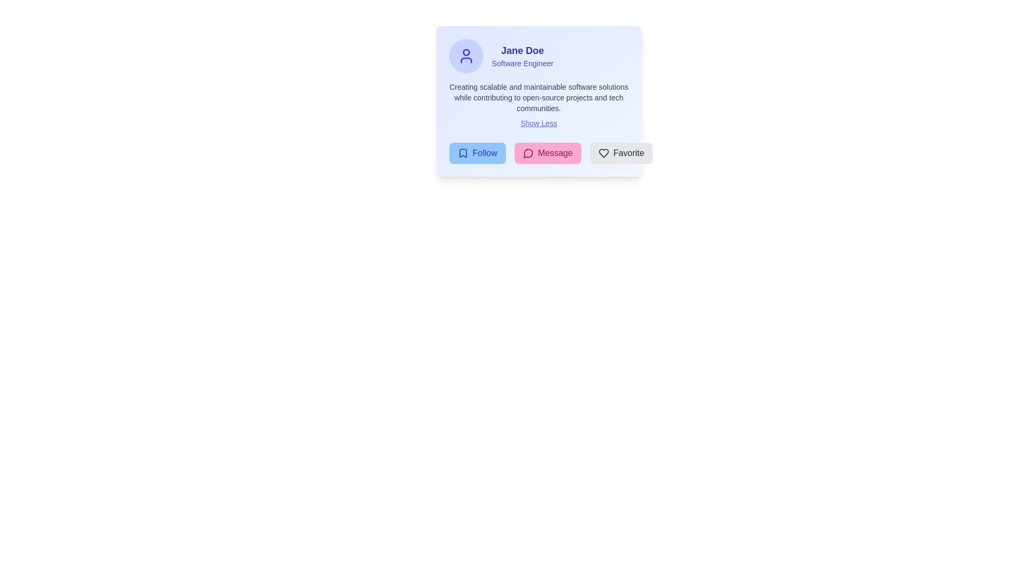  Describe the element at coordinates (603, 153) in the screenshot. I see `the heart icon within the 'Favorite' button` at that location.